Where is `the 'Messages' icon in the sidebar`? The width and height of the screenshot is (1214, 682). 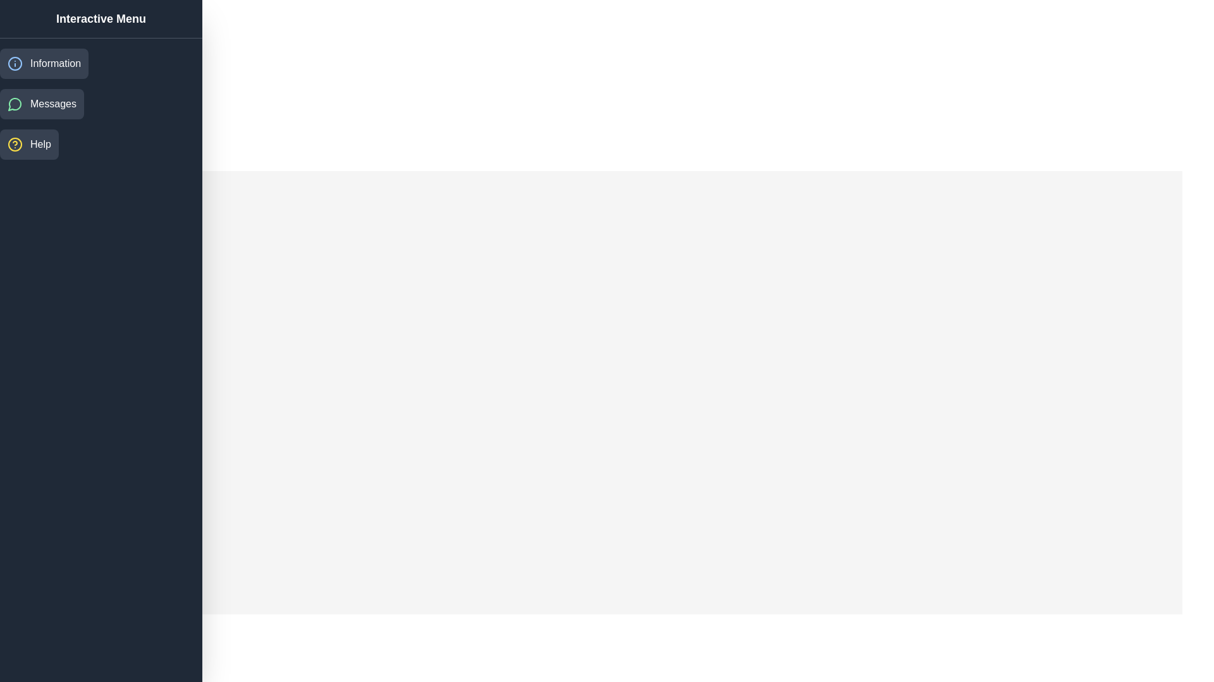 the 'Messages' icon in the sidebar is located at coordinates (15, 104).